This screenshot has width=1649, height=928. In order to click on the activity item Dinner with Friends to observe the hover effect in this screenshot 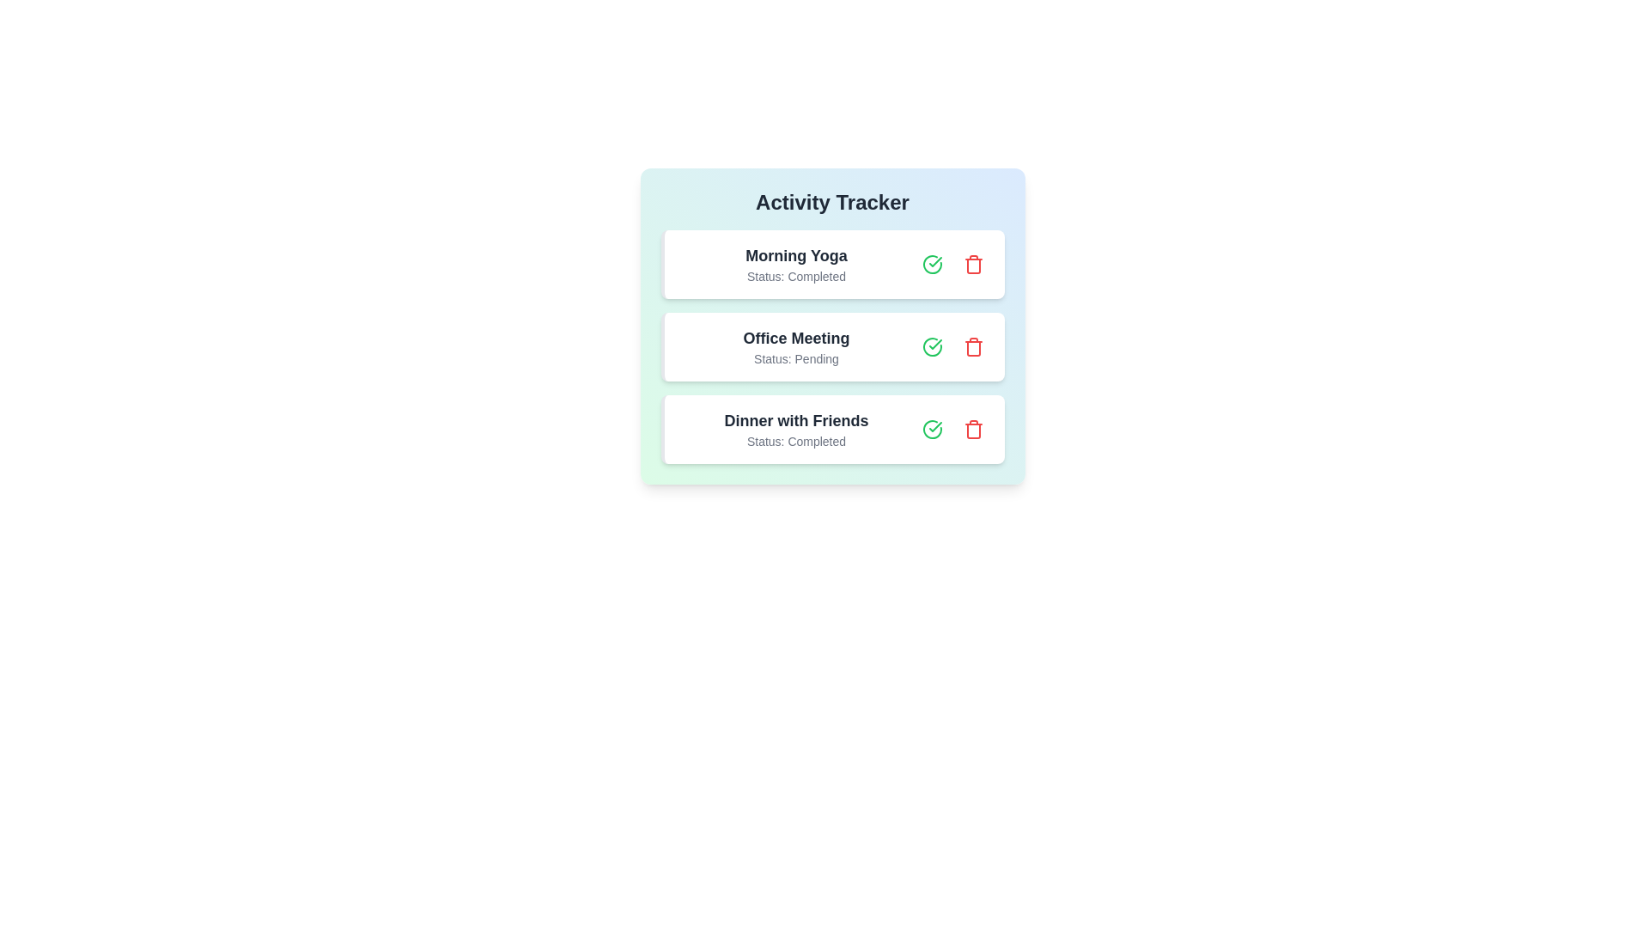, I will do `click(832, 429)`.